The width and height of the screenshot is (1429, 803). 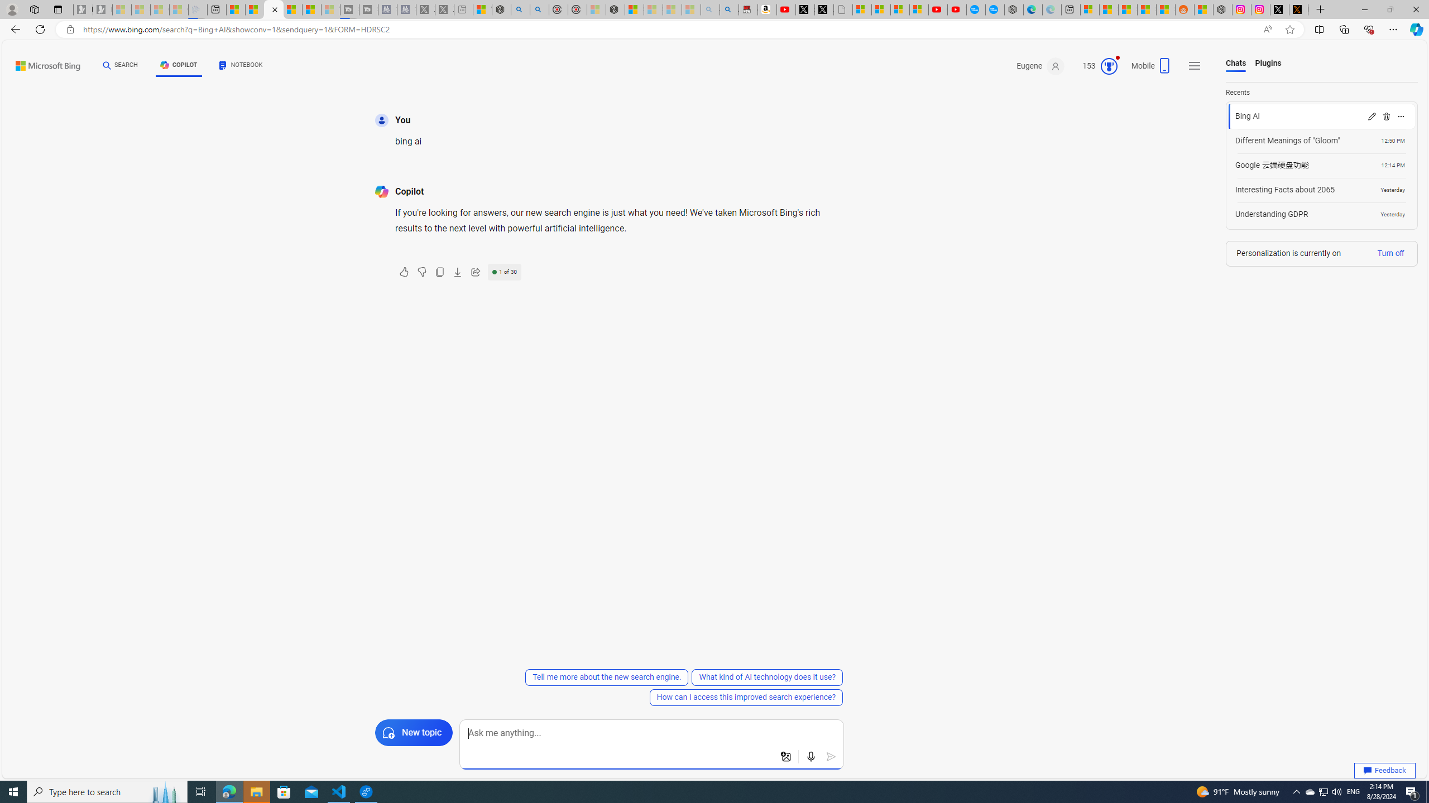 I want to click on 'NOTEBOOK', so click(x=241, y=66).